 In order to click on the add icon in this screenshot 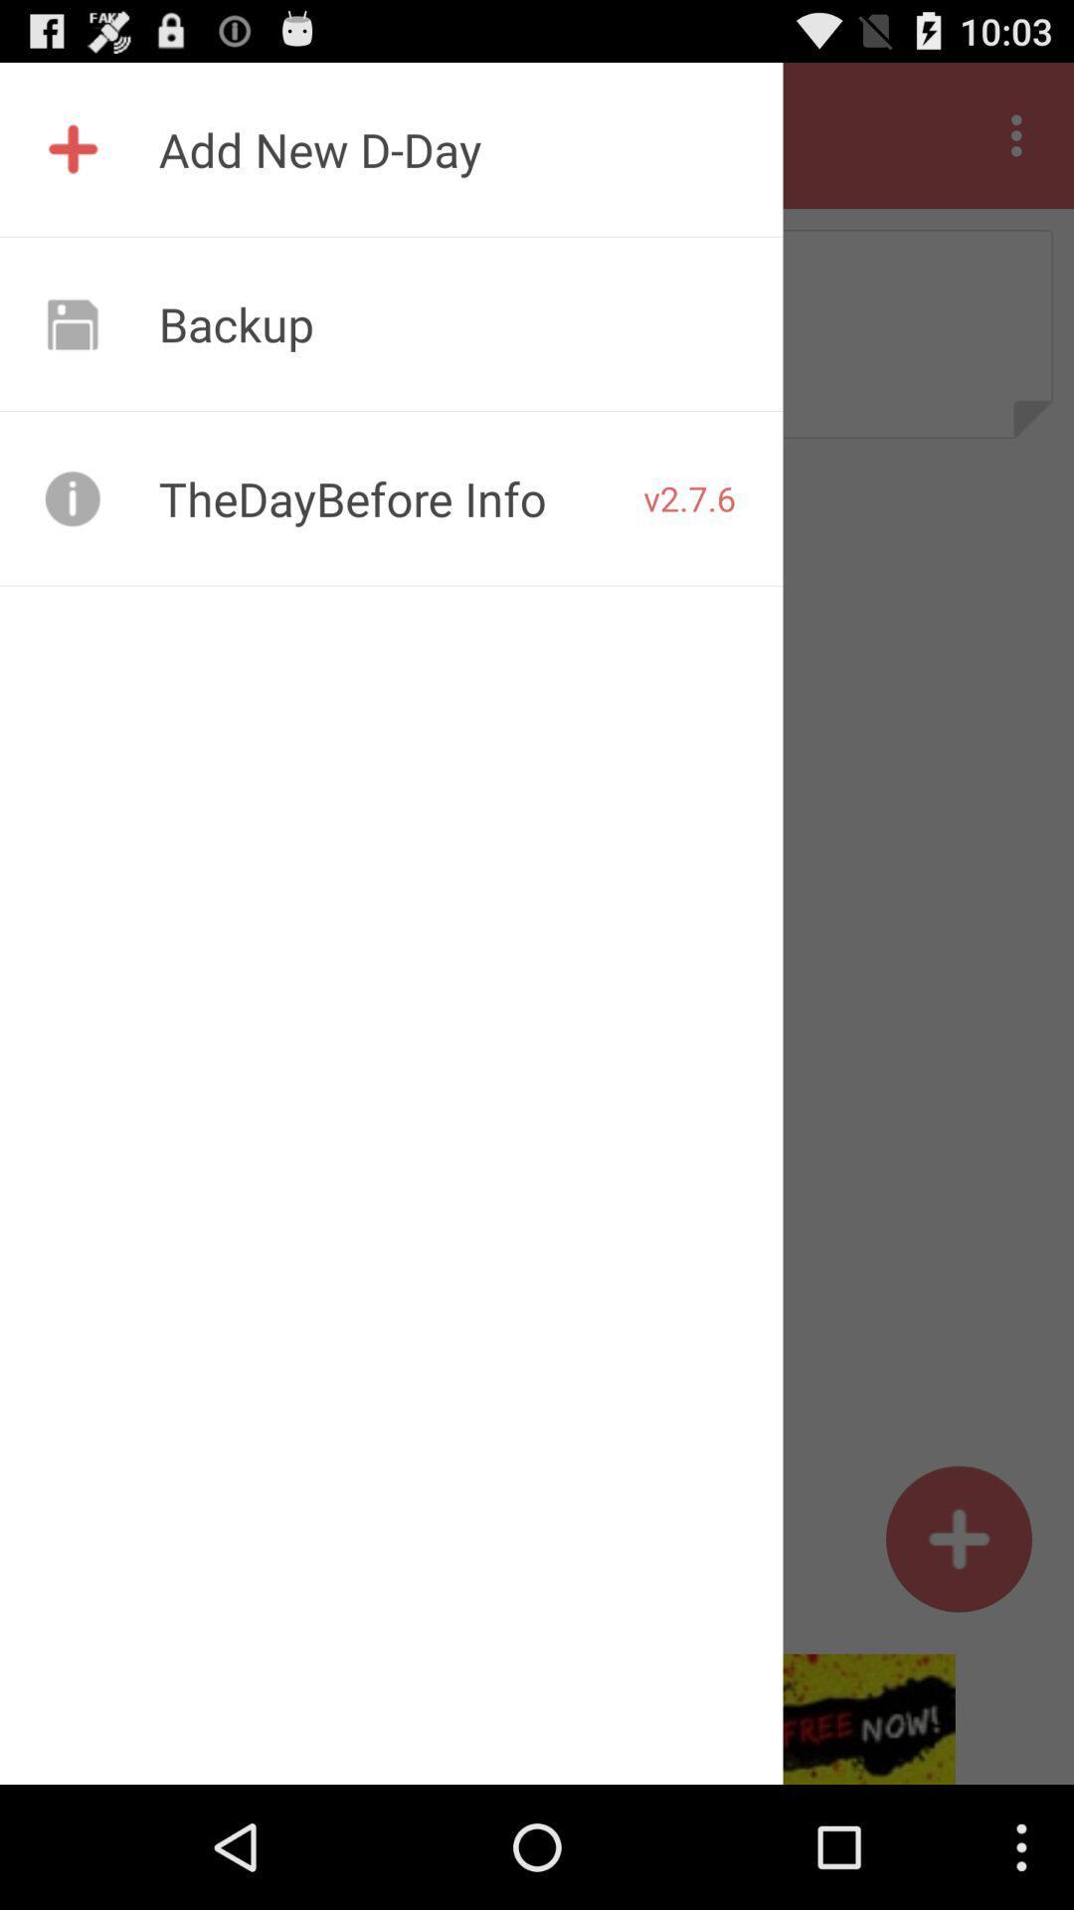, I will do `click(958, 1647)`.